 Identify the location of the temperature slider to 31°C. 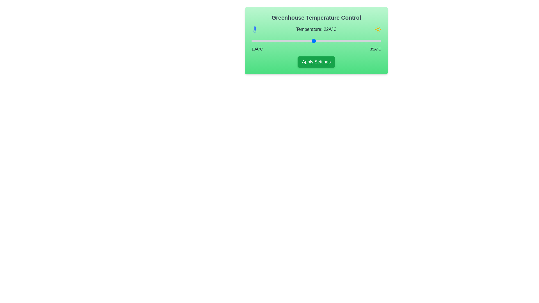
(360, 41).